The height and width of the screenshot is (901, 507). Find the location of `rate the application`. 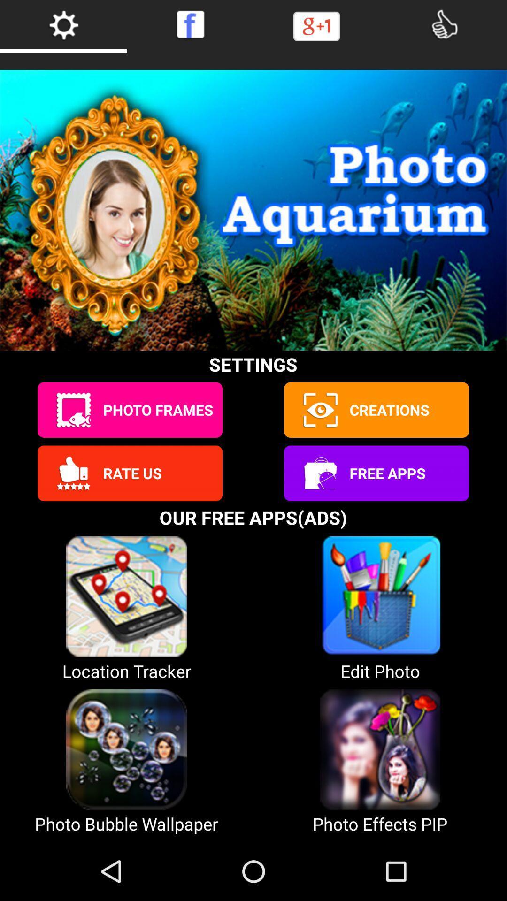

rate the application is located at coordinates (73, 473).